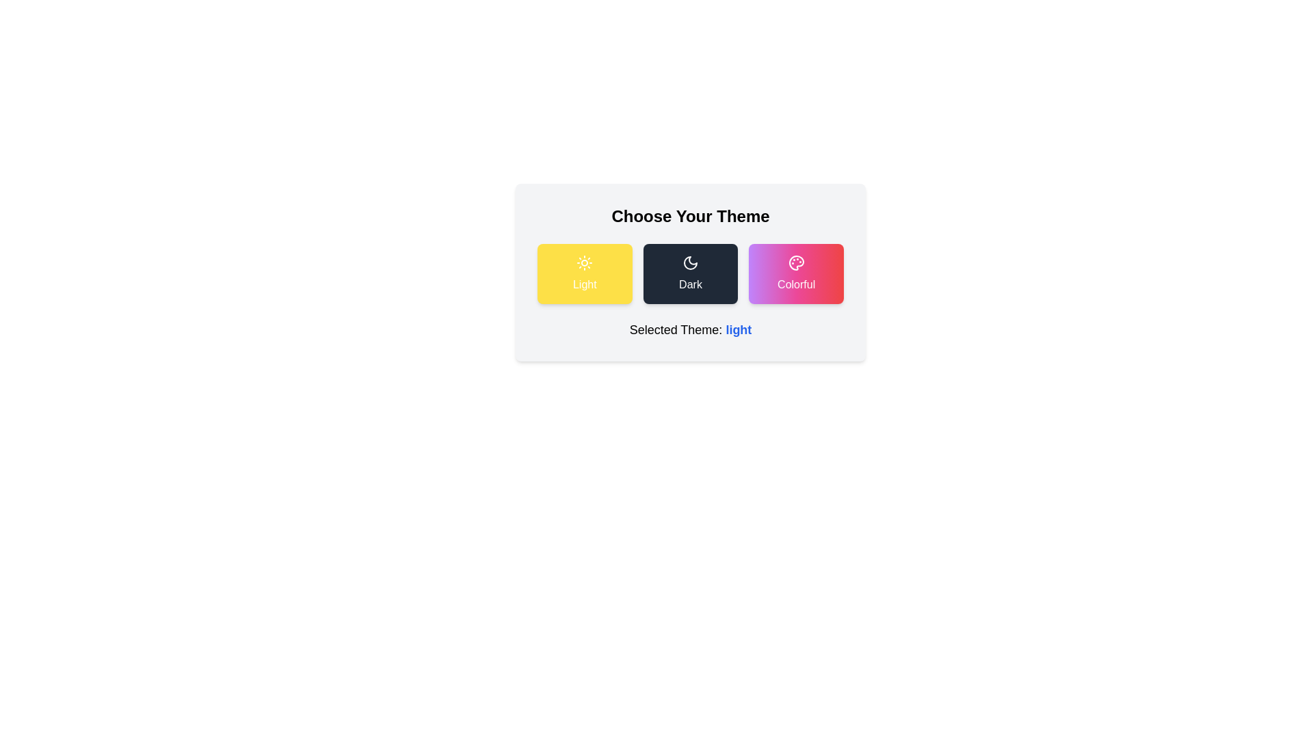 The width and height of the screenshot is (1313, 738). I want to click on the Dark theme by clicking the corresponding button, so click(689, 274).